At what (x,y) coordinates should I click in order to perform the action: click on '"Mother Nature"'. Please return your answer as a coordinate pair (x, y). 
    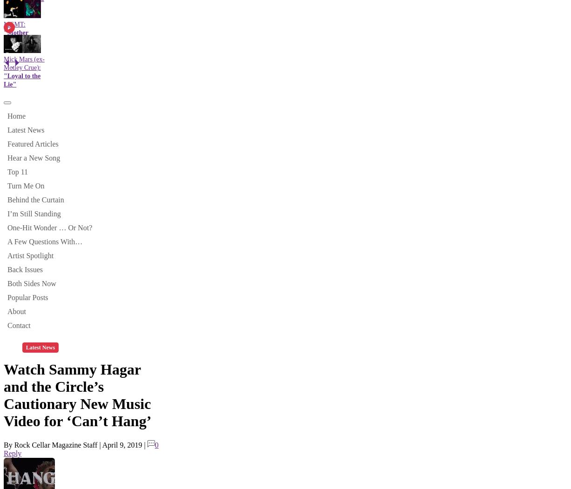
    Looking at the image, I should click on (3, 36).